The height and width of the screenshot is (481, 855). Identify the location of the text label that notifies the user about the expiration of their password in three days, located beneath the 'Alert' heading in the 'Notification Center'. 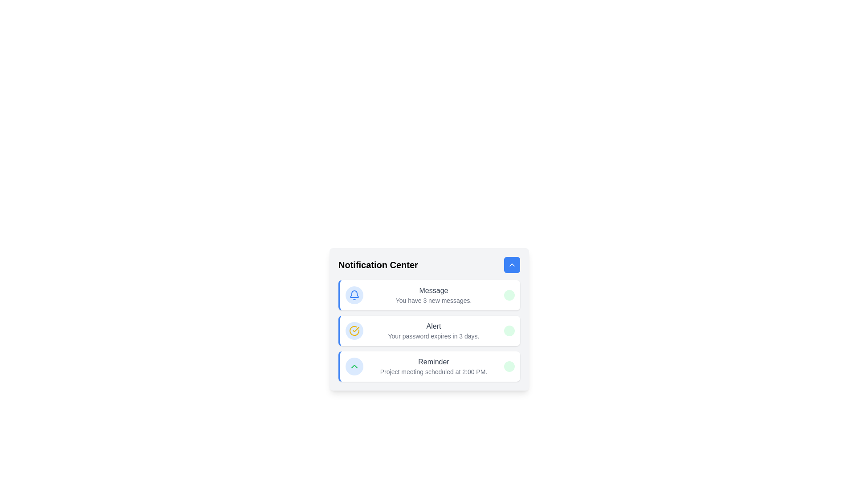
(434, 336).